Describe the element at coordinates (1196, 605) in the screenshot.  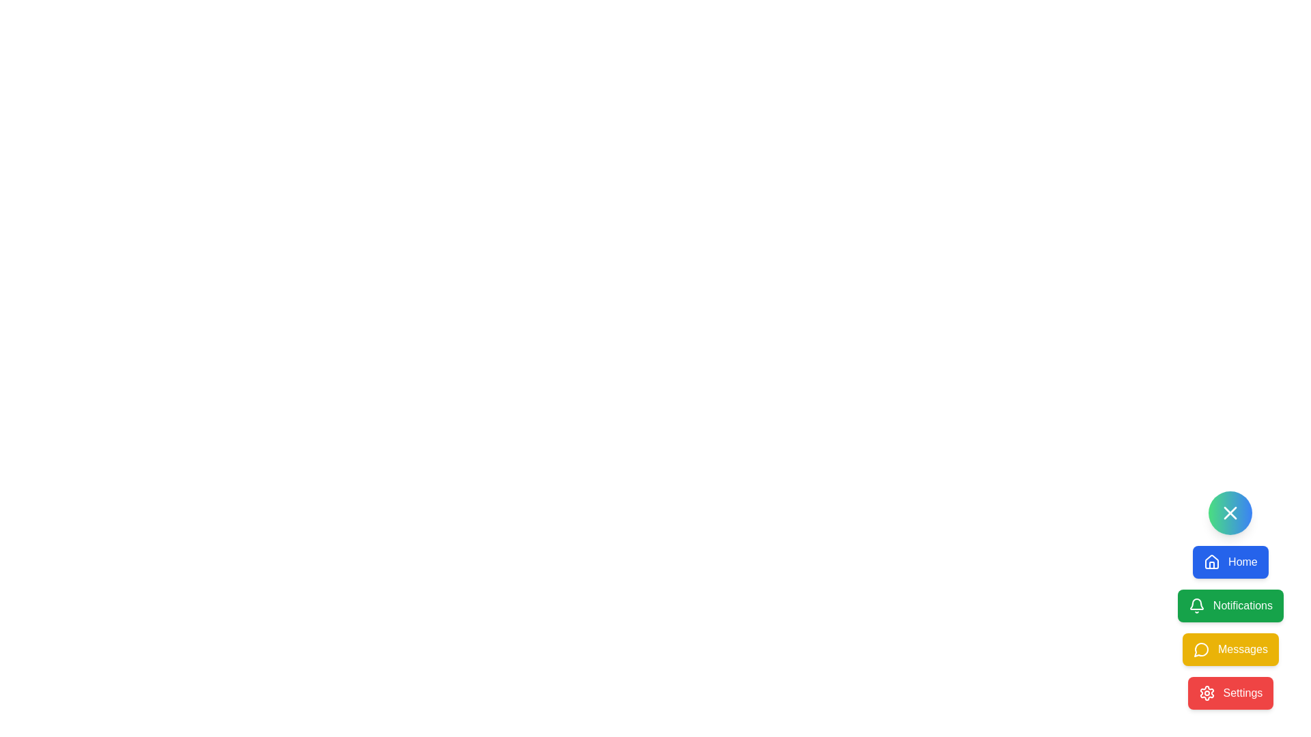
I see `the bell-shaped notification icon located within the 'Notifications' button on the right side of the interface to visually identify its function as a notification symbol` at that location.